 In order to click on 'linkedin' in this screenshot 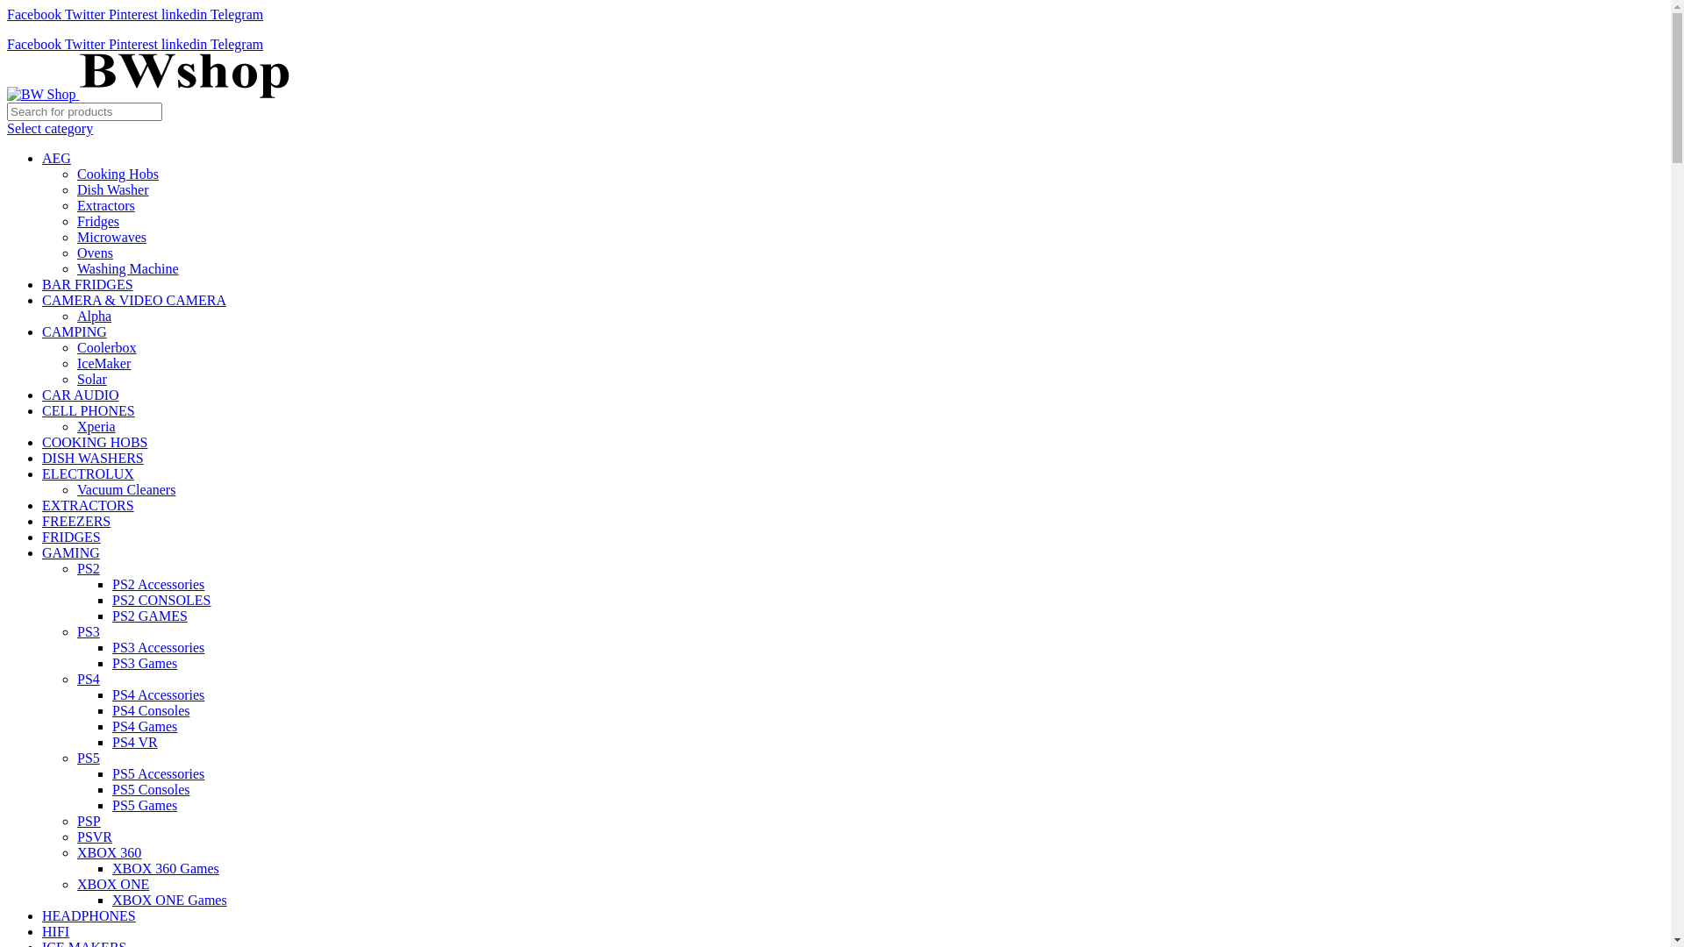, I will do `click(185, 14)`.